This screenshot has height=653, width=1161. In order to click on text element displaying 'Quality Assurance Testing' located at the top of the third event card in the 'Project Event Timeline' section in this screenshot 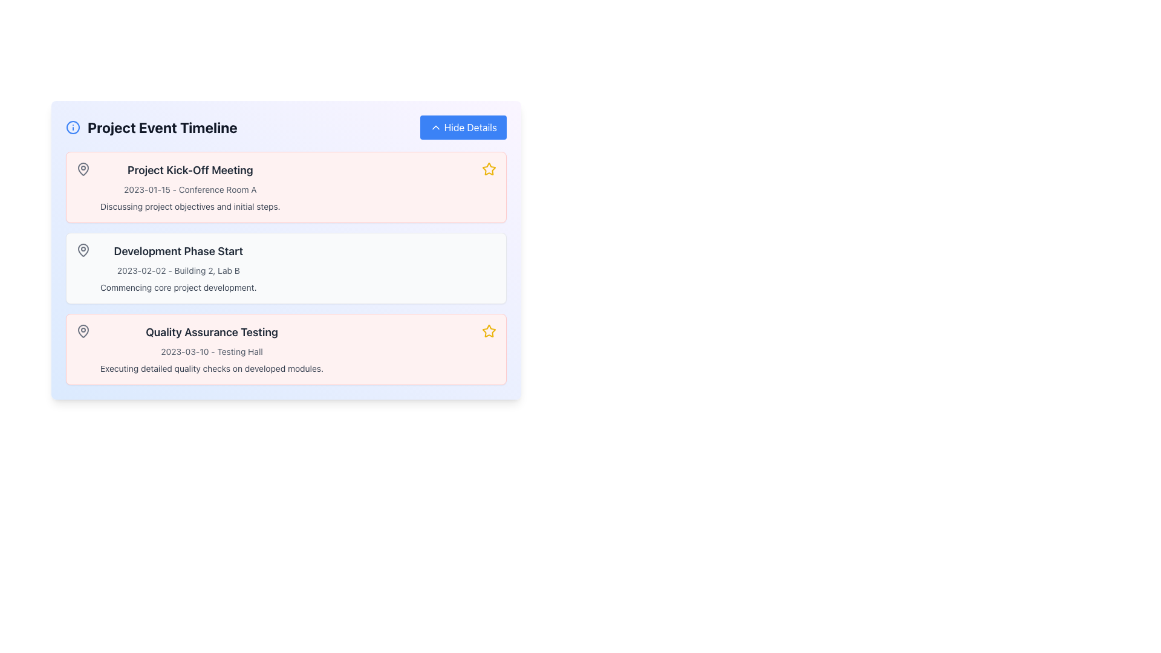, I will do `click(212, 333)`.